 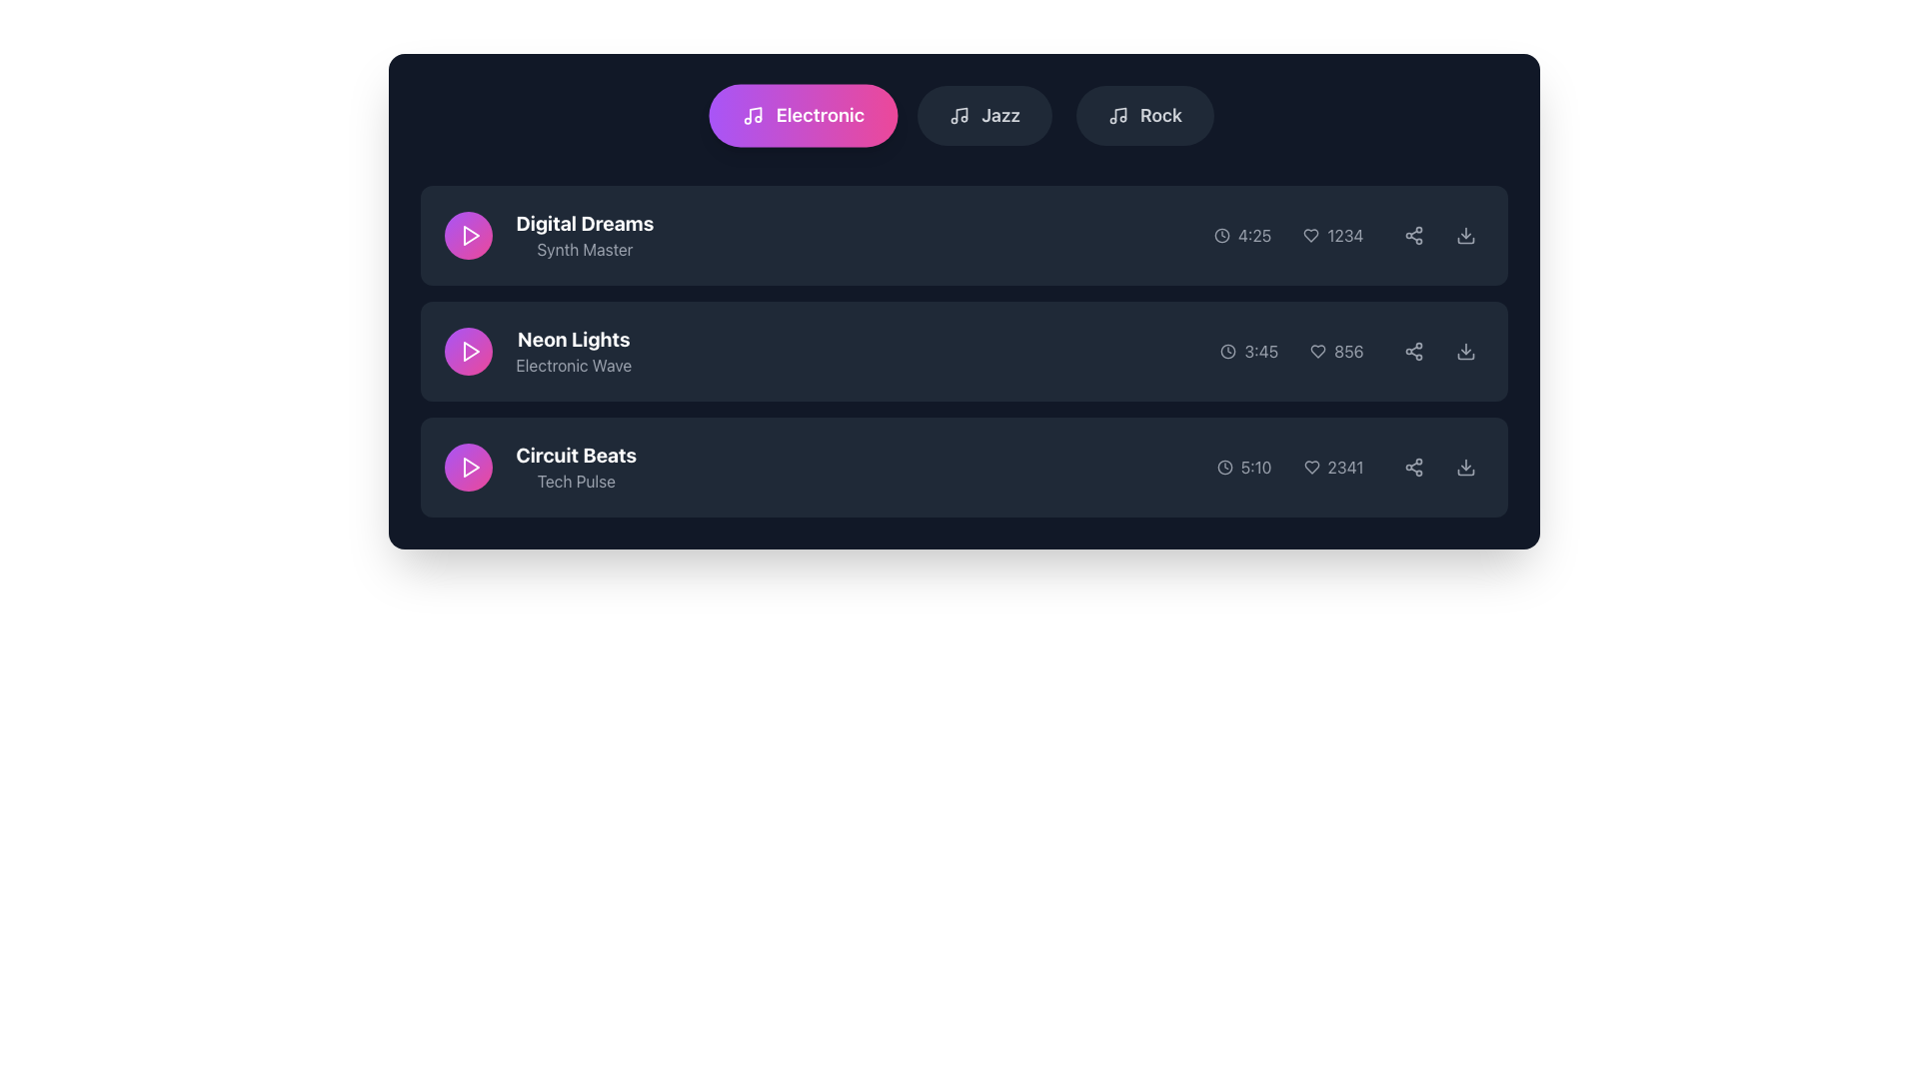 What do you see at coordinates (1318, 350) in the screenshot?
I see `the outlined heart icon located to the left of the numeric text '856'` at bounding box center [1318, 350].